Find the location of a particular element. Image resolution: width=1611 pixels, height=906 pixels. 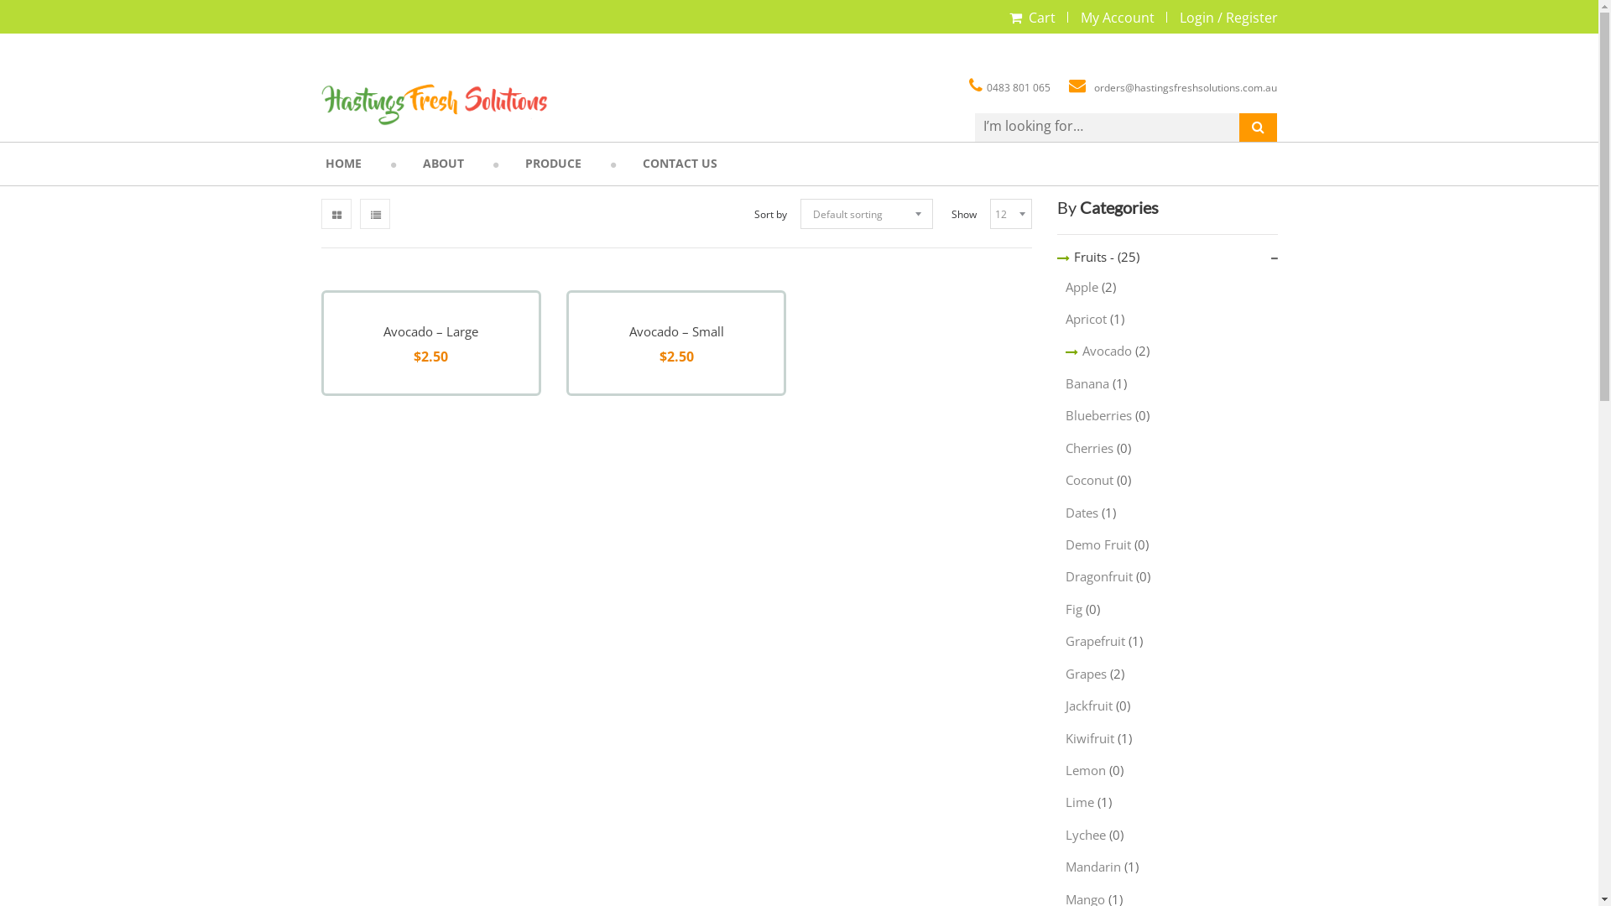

'List View' is located at coordinates (357, 212).